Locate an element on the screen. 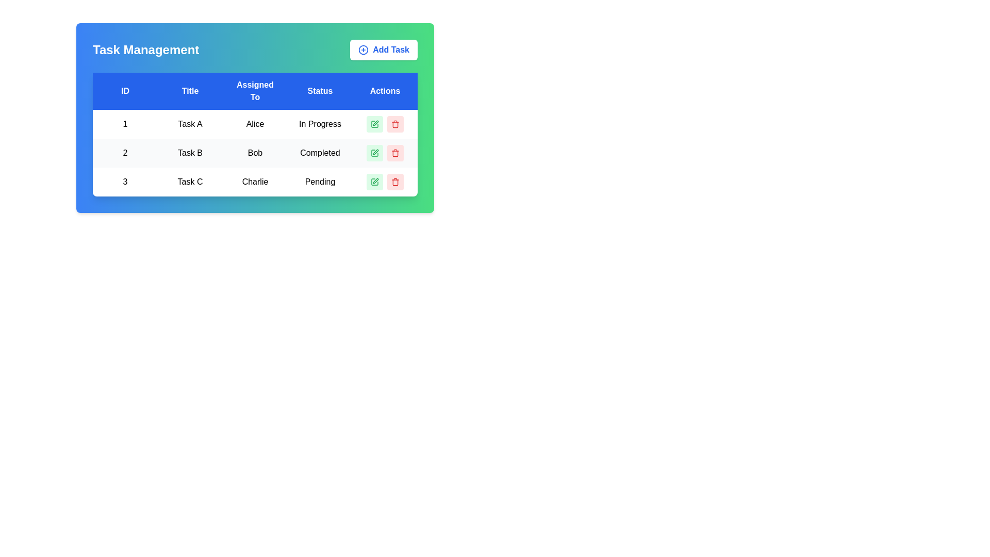 Image resolution: width=990 pixels, height=557 pixels. the static text label displaying 'Task B' in the second column of the second row in the 'Task Management' table is located at coordinates (190, 153).